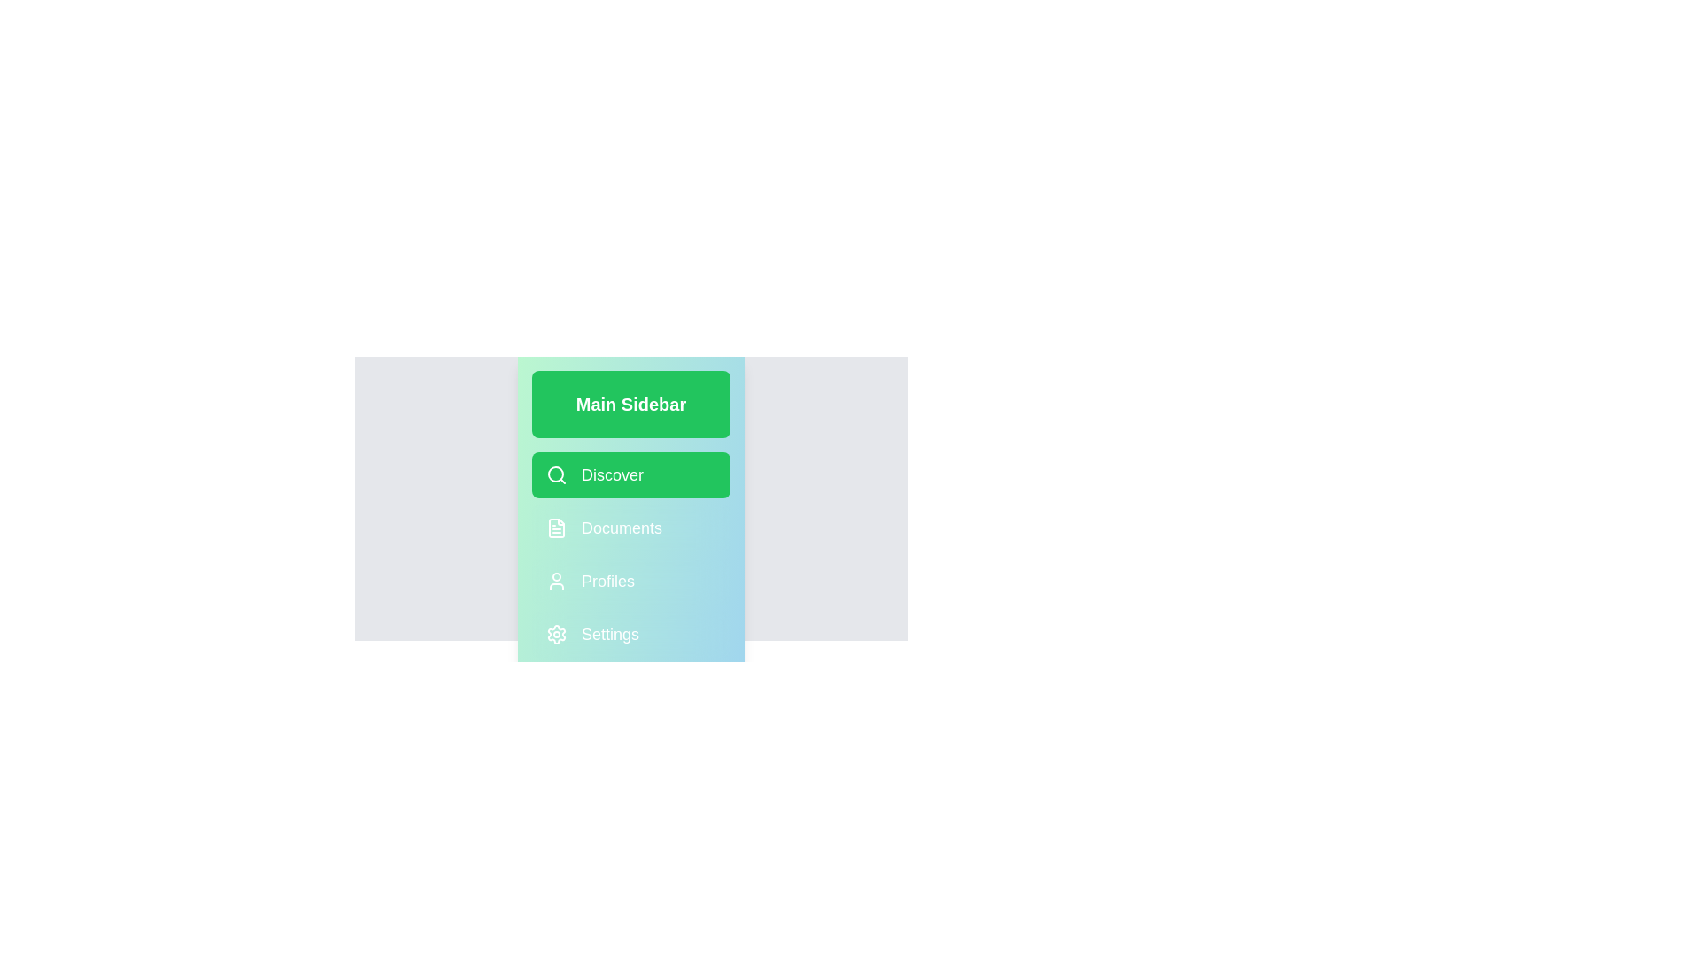  What do you see at coordinates (555, 634) in the screenshot?
I see `the gear icon representing the settings option located in the lower part of the sidebar interface` at bounding box center [555, 634].